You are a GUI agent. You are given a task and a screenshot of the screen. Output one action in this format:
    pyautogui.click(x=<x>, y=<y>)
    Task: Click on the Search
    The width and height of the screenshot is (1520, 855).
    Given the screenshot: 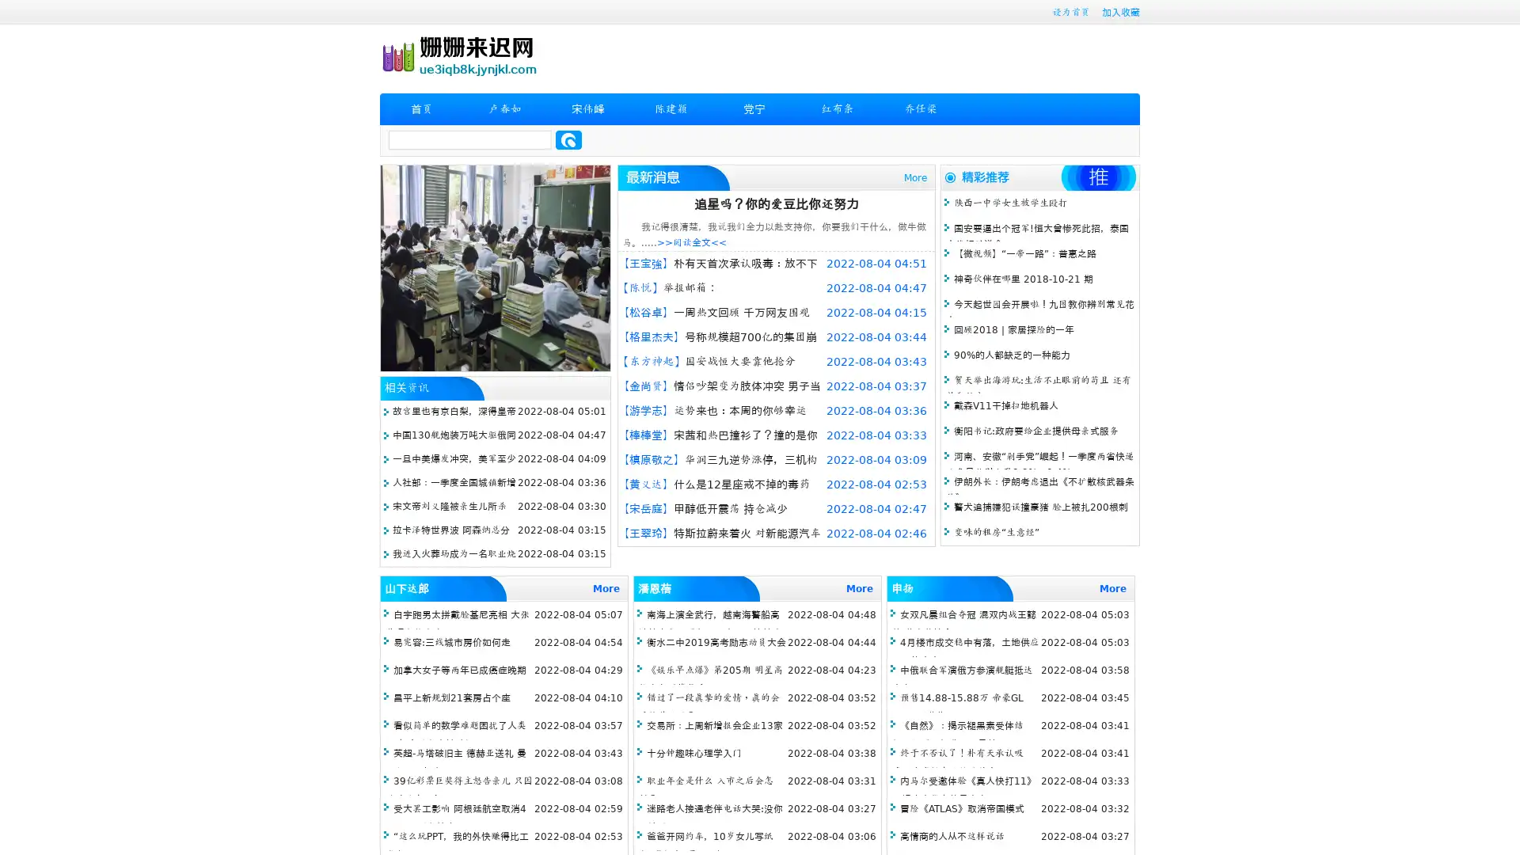 What is the action you would take?
    pyautogui.click(x=568, y=139)
    